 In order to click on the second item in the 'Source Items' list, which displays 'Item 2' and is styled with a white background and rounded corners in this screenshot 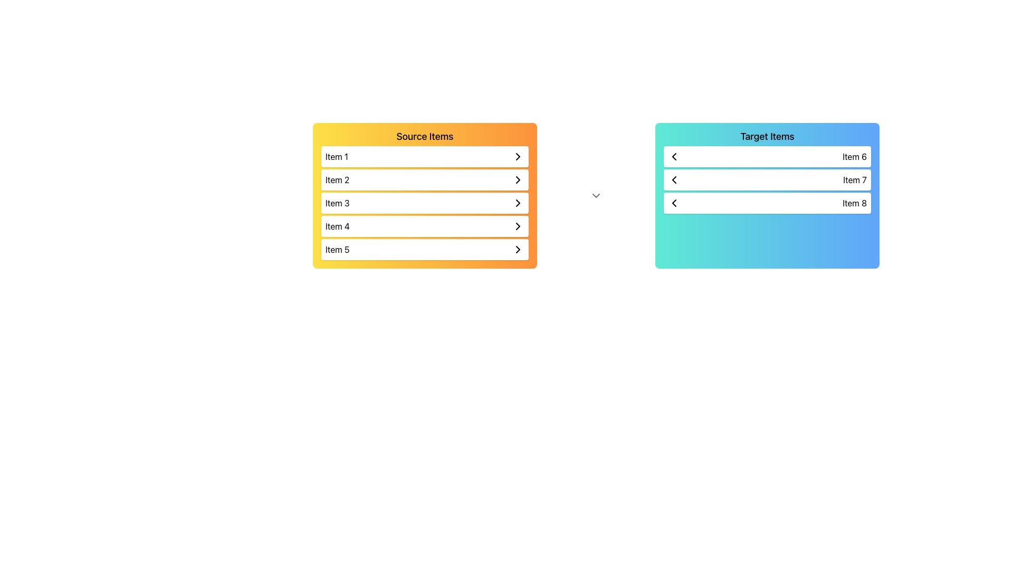, I will do `click(425, 179)`.